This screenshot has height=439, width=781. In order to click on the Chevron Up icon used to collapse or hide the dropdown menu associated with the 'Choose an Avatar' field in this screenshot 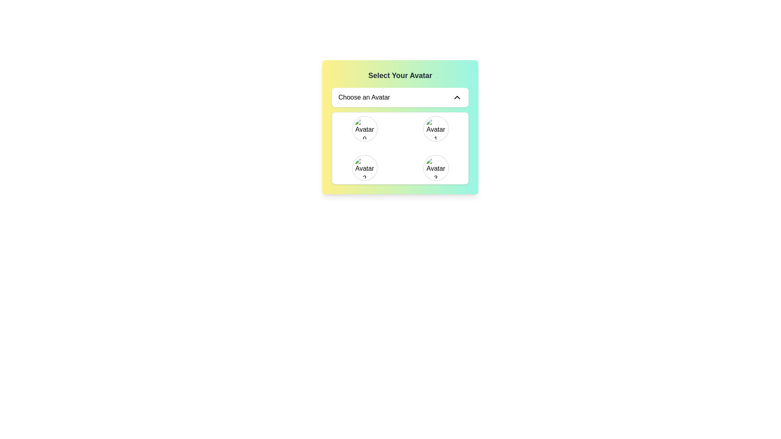, I will do `click(457, 97)`.